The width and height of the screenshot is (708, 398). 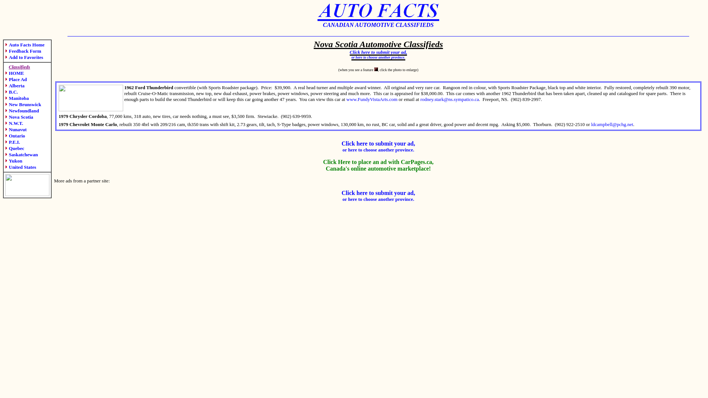 I want to click on 'Add to Favorites', so click(x=24, y=57).